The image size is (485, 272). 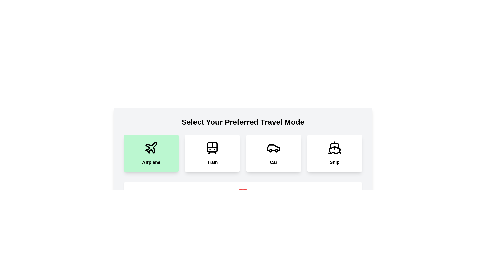 What do you see at coordinates (273, 147) in the screenshot?
I see `the car icon located centrally within the 'Car' card, which is the third card in a horizontal group of four cards for selecting travel modes under the heading 'Select Your Preferred Travel Mode'` at bounding box center [273, 147].